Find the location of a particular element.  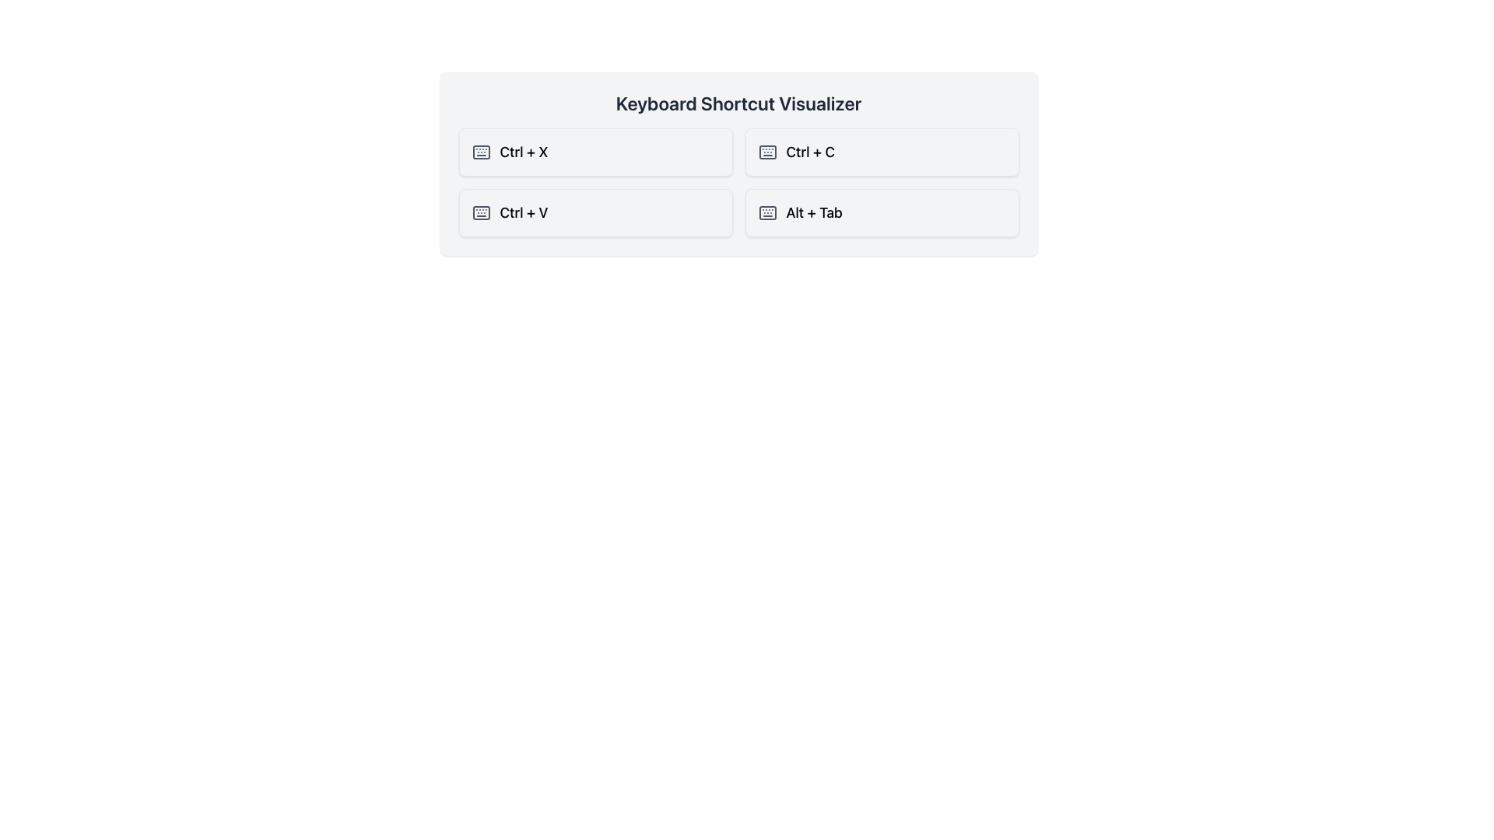

the icon representing the keyboard shortcut 'Ctrl + V', which is located on the left side of its respective list item, adjacent to the descriptive text is located at coordinates (480, 212).